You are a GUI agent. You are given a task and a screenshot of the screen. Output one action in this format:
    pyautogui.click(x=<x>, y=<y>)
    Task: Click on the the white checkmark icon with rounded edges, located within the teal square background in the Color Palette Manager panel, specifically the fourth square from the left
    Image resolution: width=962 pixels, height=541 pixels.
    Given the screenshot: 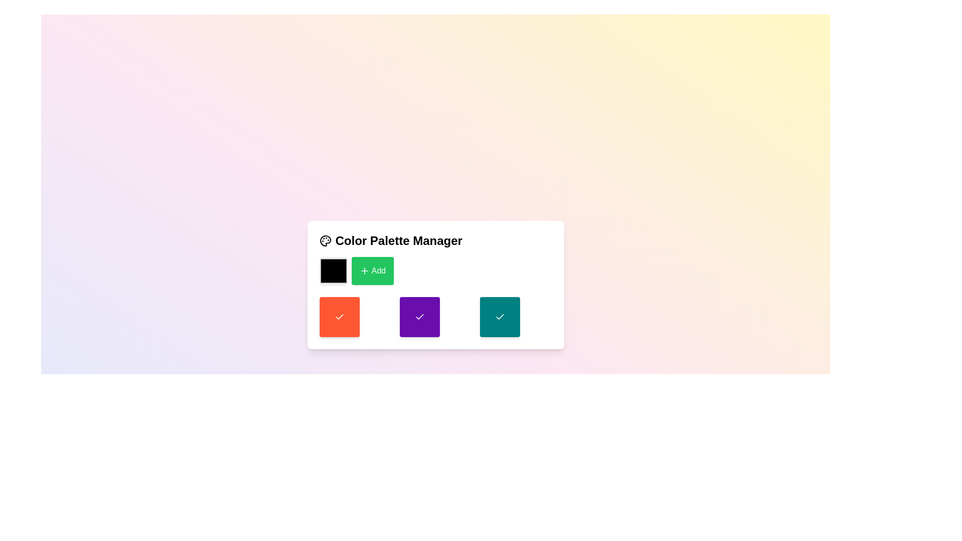 What is the action you would take?
    pyautogui.click(x=500, y=317)
    